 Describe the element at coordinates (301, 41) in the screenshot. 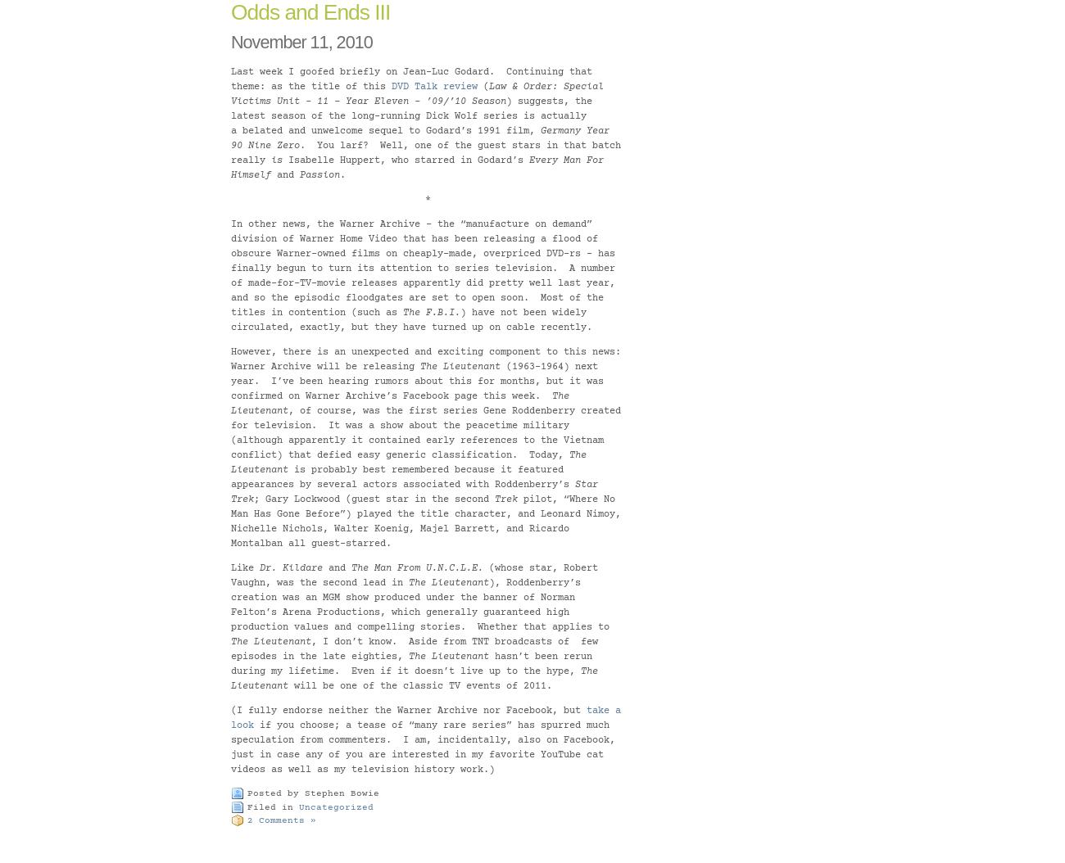

I see `'November 11, 2010'` at that location.